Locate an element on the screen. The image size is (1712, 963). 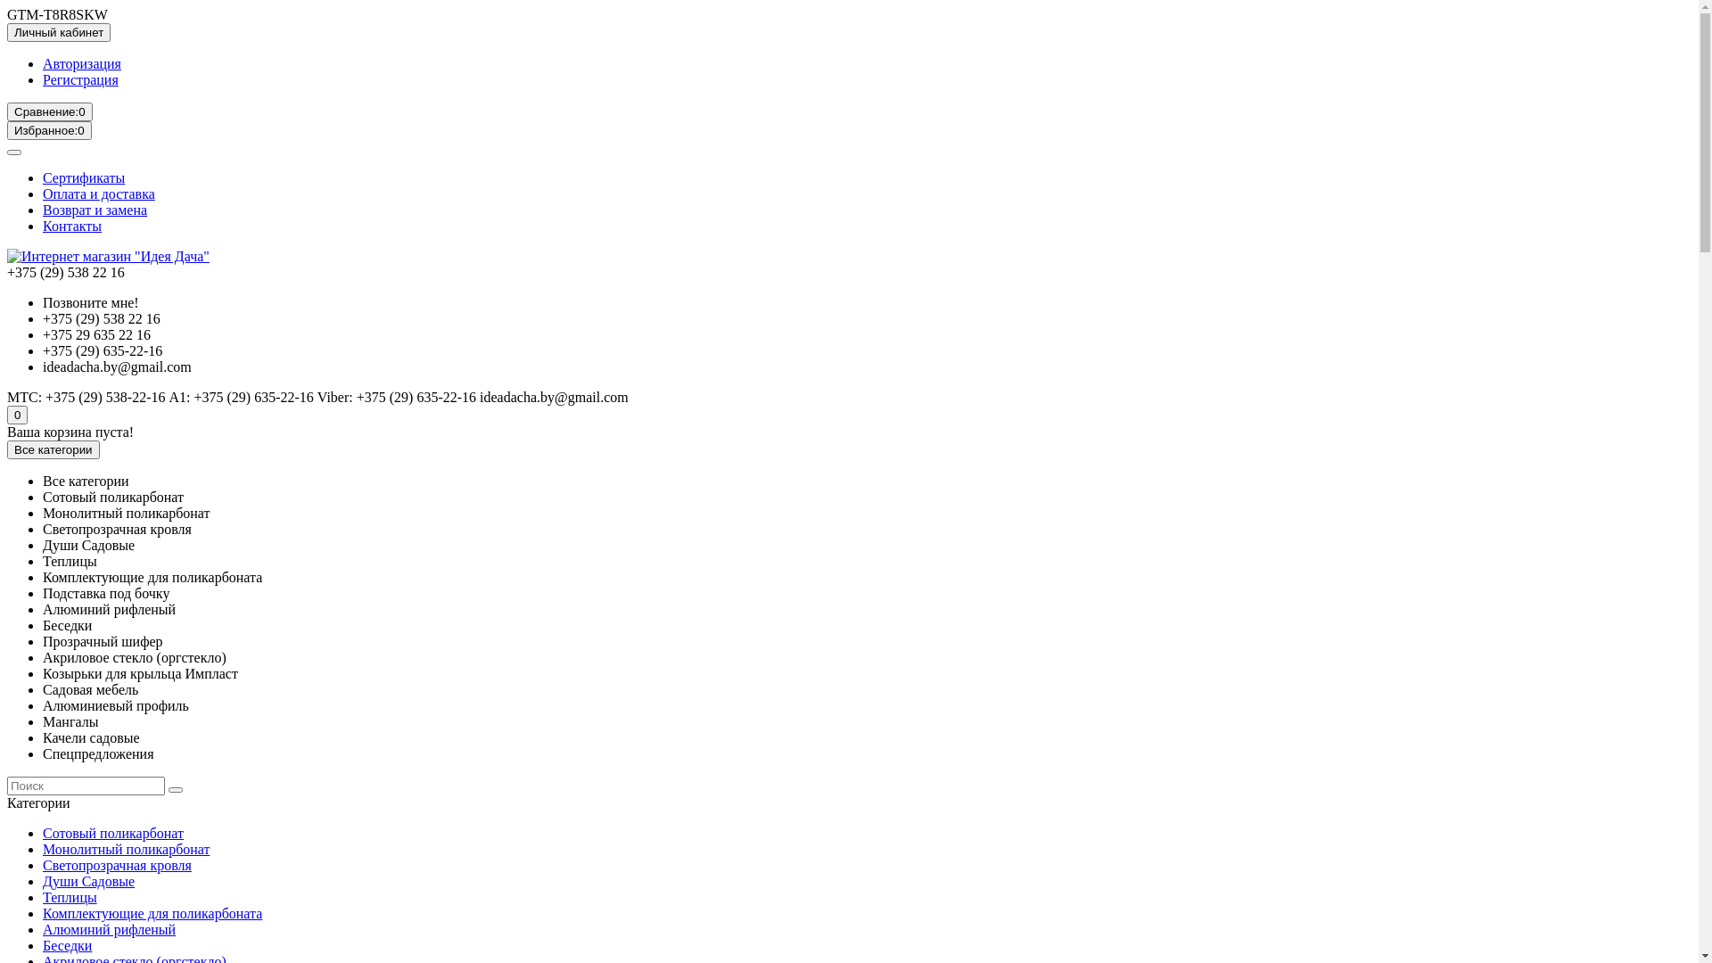
'0' is located at coordinates (17, 415).